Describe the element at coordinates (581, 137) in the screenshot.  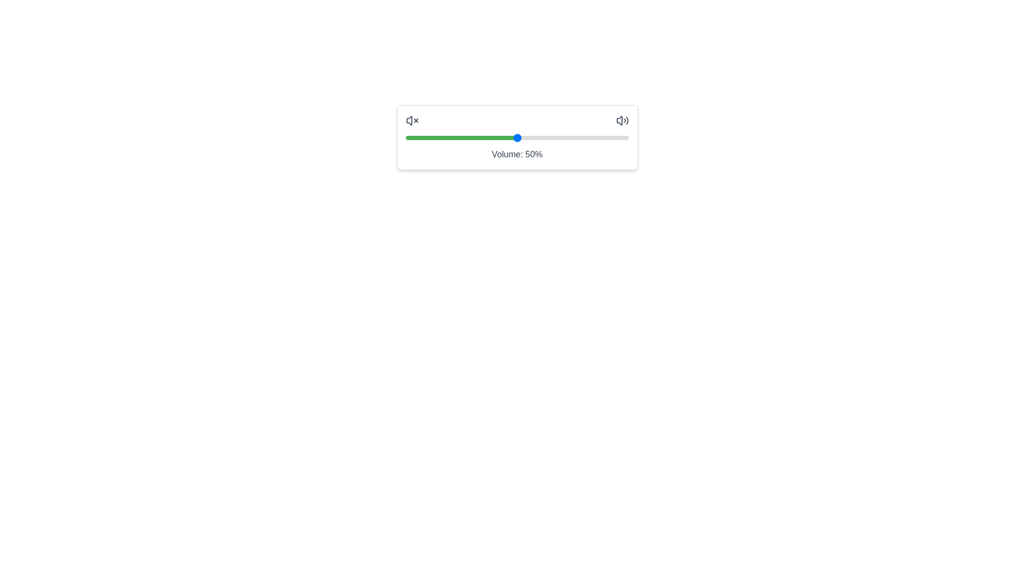
I see `the volume level` at that location.